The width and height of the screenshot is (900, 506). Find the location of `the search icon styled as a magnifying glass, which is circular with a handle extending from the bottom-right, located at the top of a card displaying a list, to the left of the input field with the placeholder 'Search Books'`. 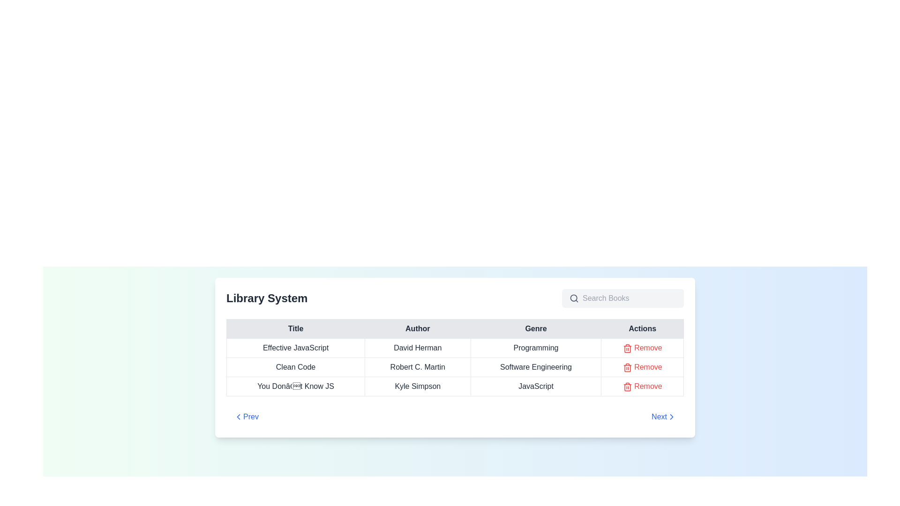

the search icon styled as a magnifying glass, which is circular with a handle extending from the bottom-right, located at the top of a card displaying a list, to the left of the input field with the placeholder 'Search Books' is located at coordinates (573, 298).